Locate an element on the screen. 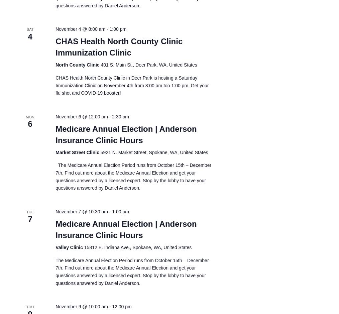  'Market Street Clinic' is located at coordinates (55, 152).